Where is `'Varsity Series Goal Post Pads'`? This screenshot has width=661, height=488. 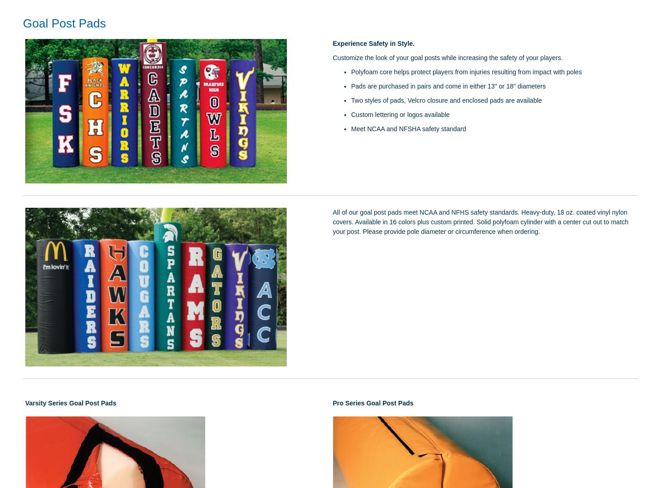
'Varsity Series Goal Post Pads' is located at coordinates (70, 403).